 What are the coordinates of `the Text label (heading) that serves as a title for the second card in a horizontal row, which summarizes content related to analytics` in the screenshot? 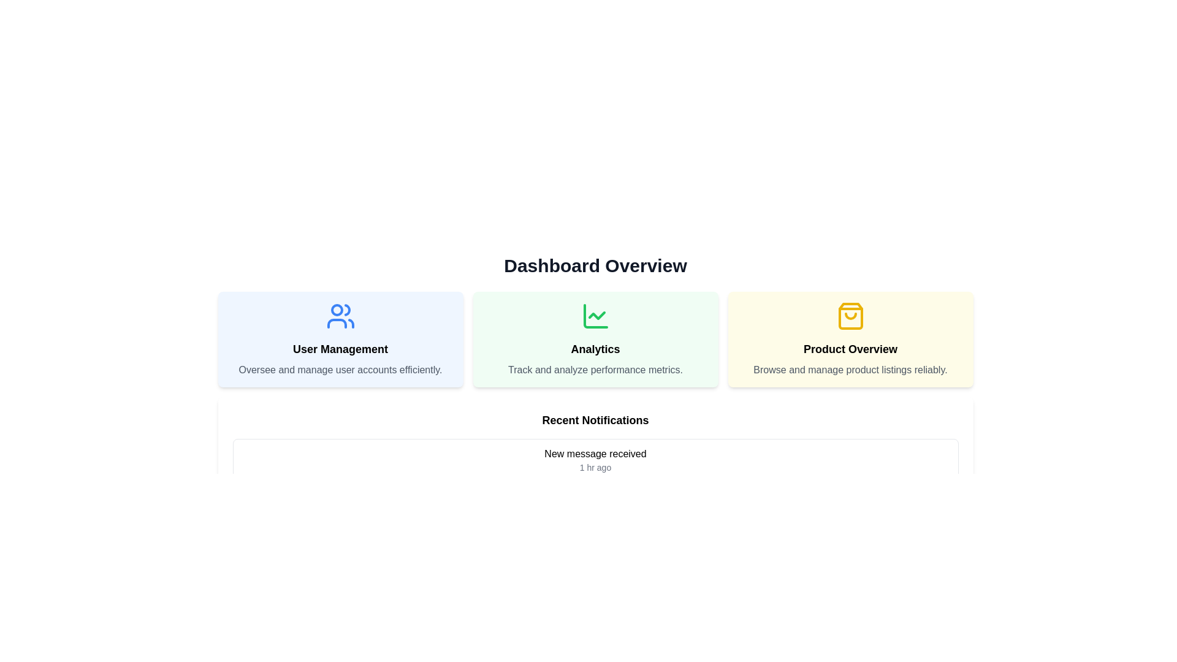 It's located at (595, 349).